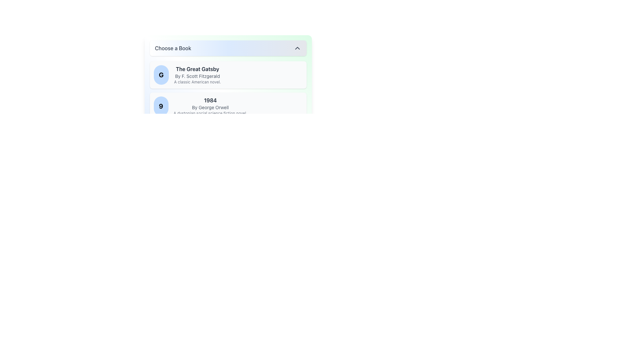 This screenshot has width=627, height=352. I want to click on the text label indicating 'George Orwell' as the author of '1984', so click(210, 107).